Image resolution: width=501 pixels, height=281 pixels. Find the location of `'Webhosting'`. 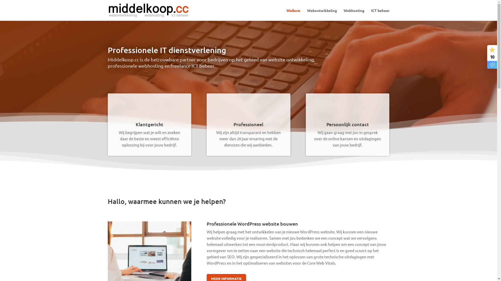

'Webhosting' is located at coordinates (354, 14).